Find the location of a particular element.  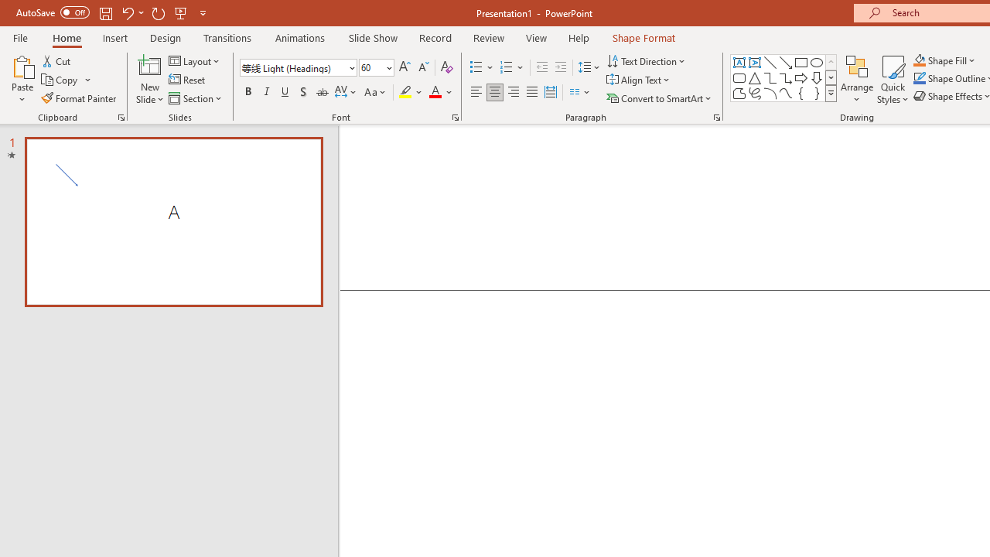

'Slide A' is located at coordinates (173, 221).